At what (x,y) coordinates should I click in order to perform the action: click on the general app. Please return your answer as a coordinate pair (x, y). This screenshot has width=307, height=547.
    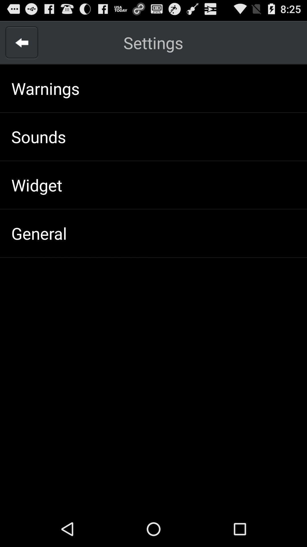
    Looking at the image, I should click on (39, 233).